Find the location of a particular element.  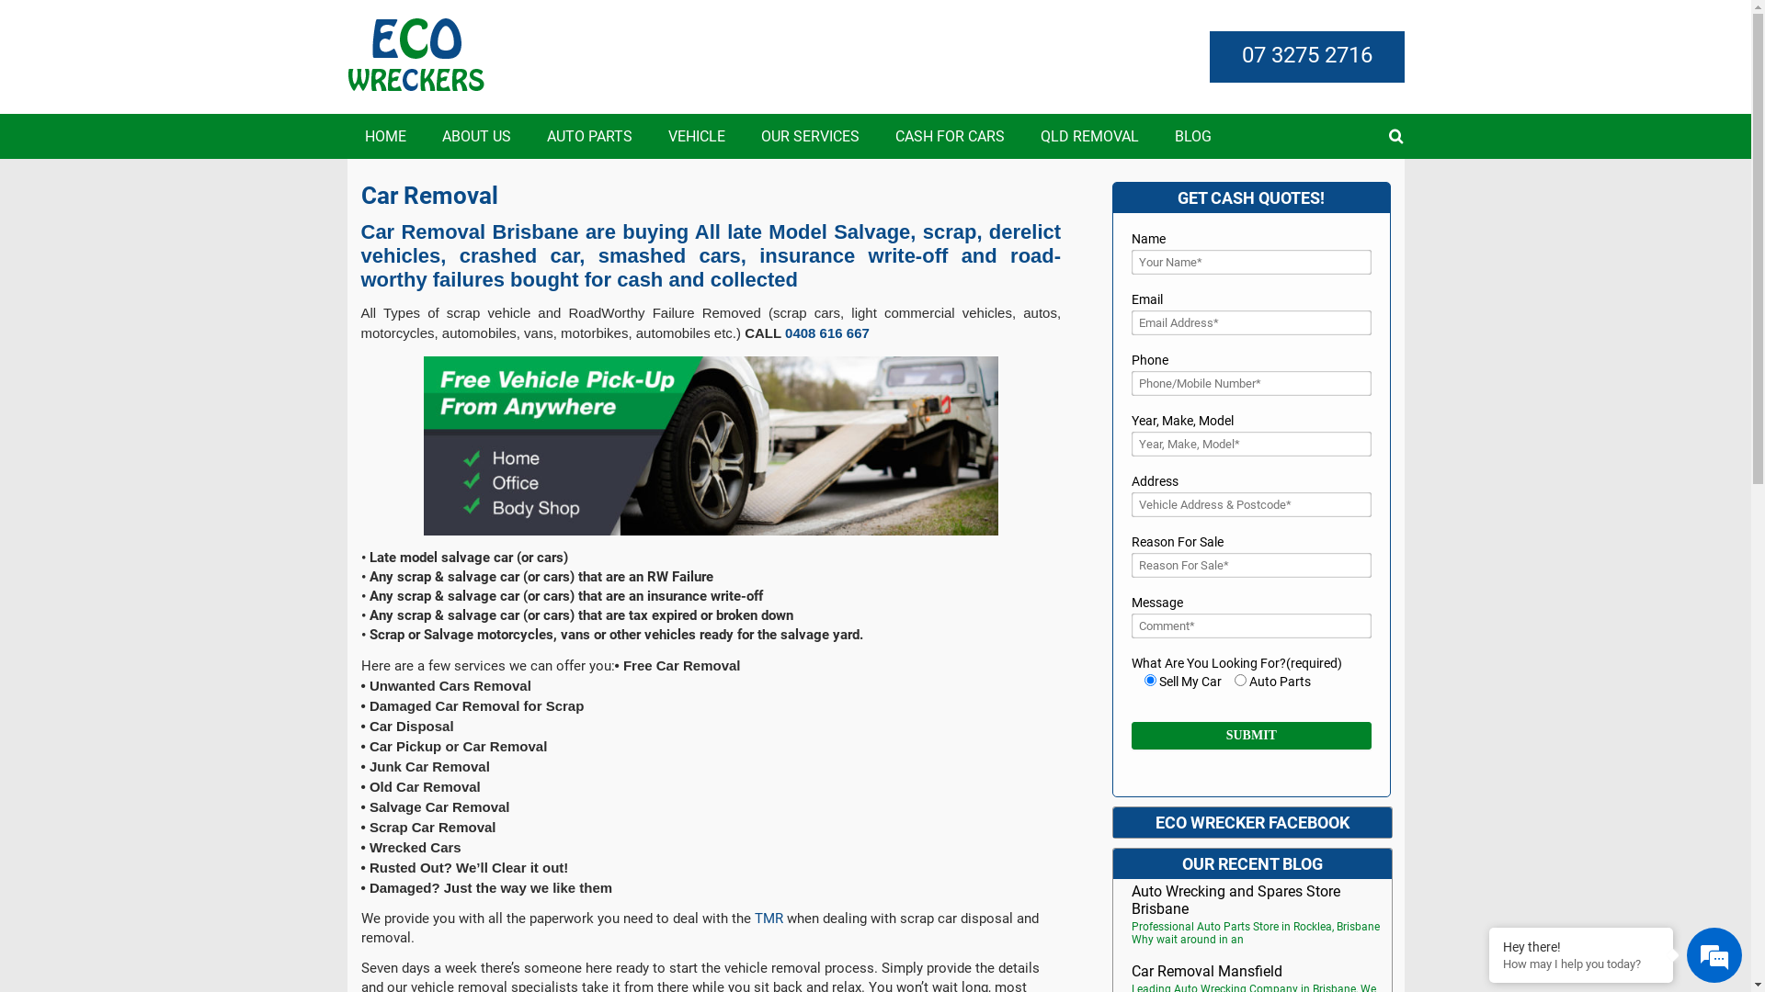

'0408 616 667' is located at coordinates (826, 333).